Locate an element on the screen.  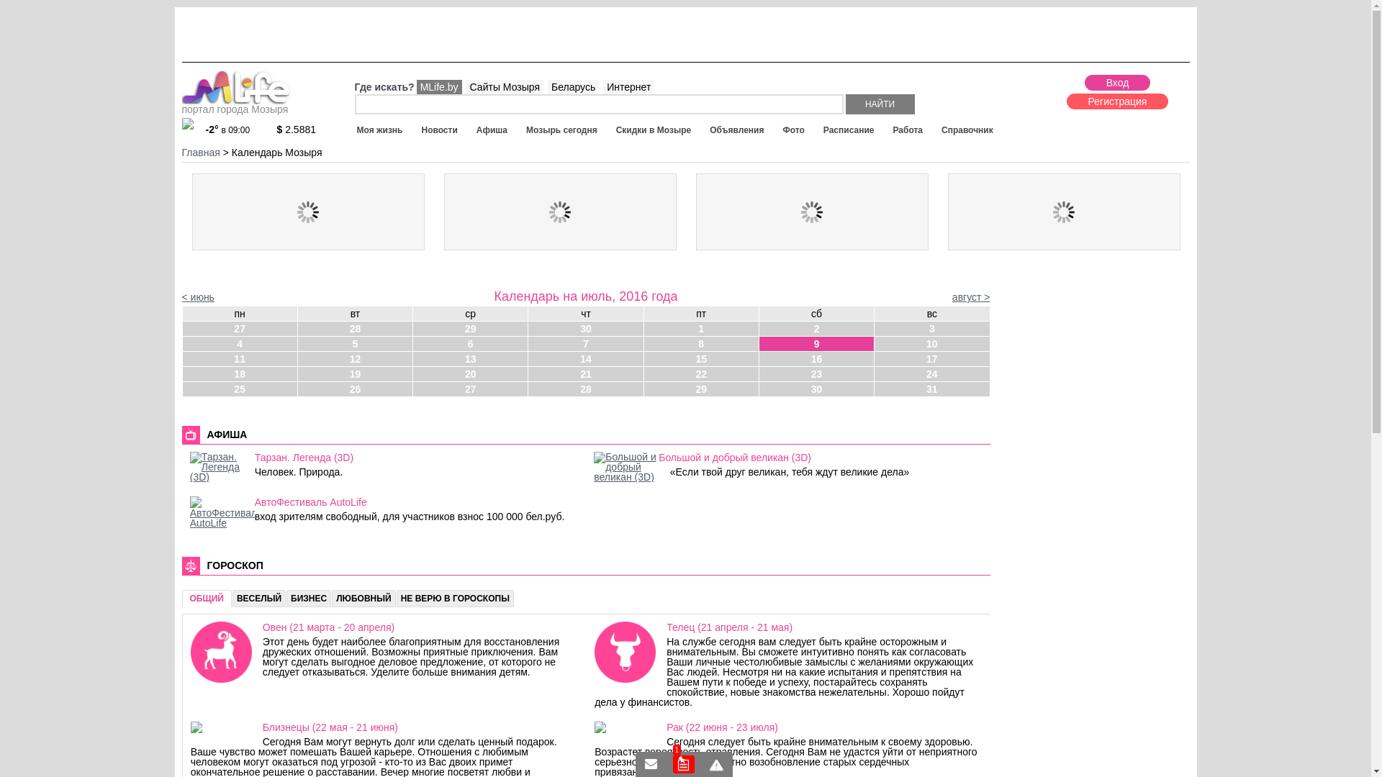
'7' is located at coordinates (585, 344).